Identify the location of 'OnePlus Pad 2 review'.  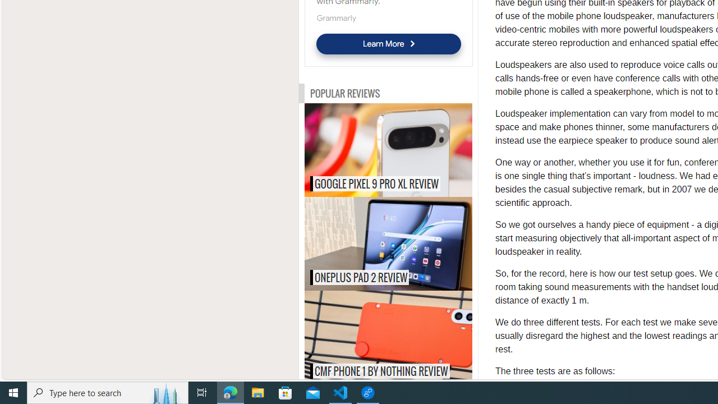
(411, 243).